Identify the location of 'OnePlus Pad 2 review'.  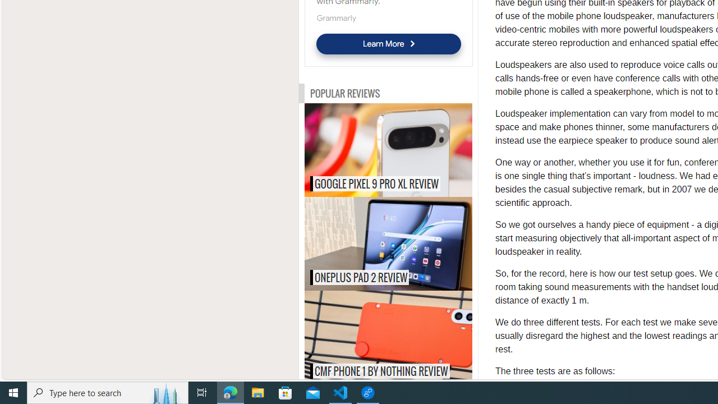
(411, 243).